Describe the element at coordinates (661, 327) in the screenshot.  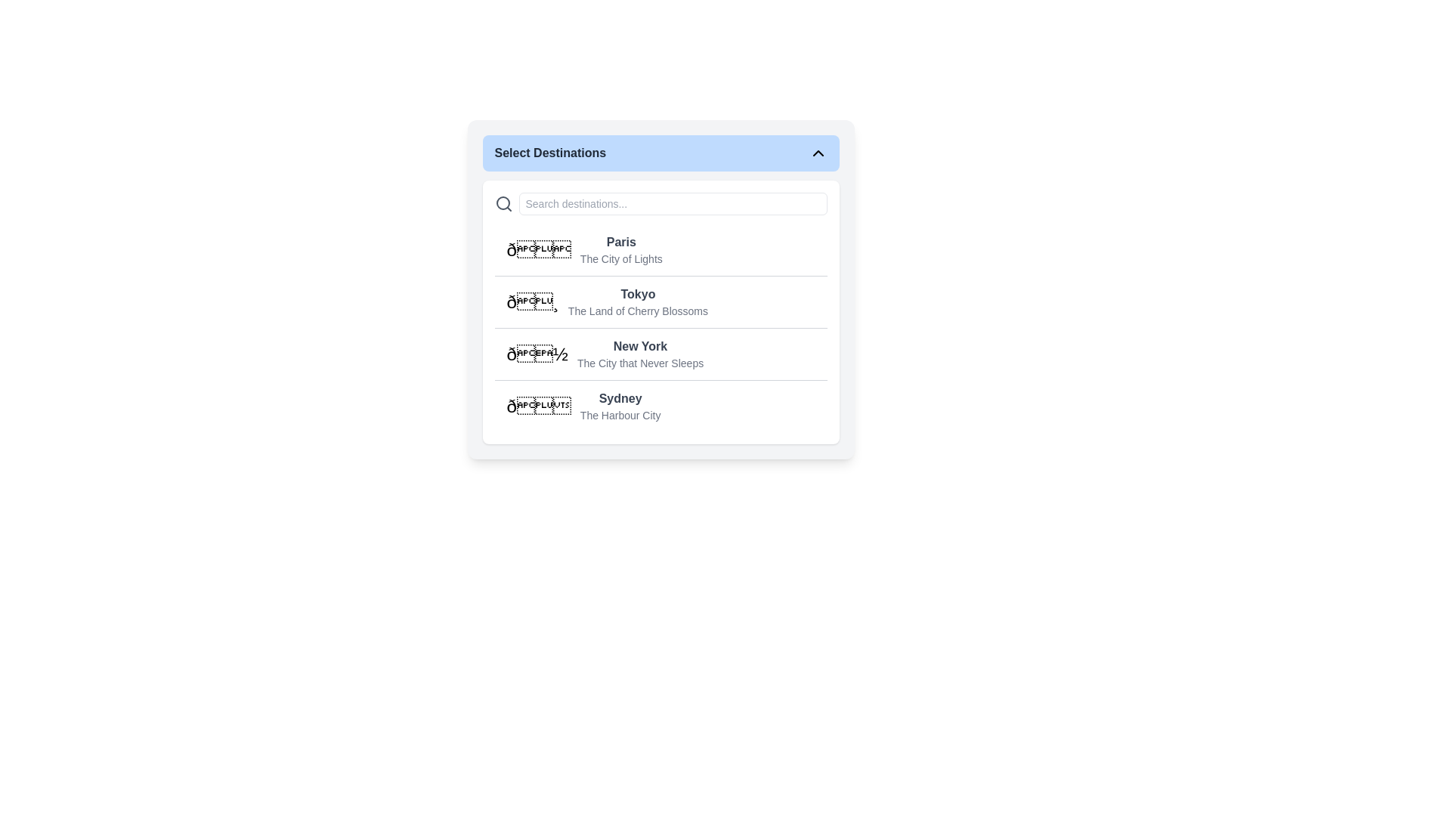
I see `an entry in the 'Select Destinations' list component` at that location.